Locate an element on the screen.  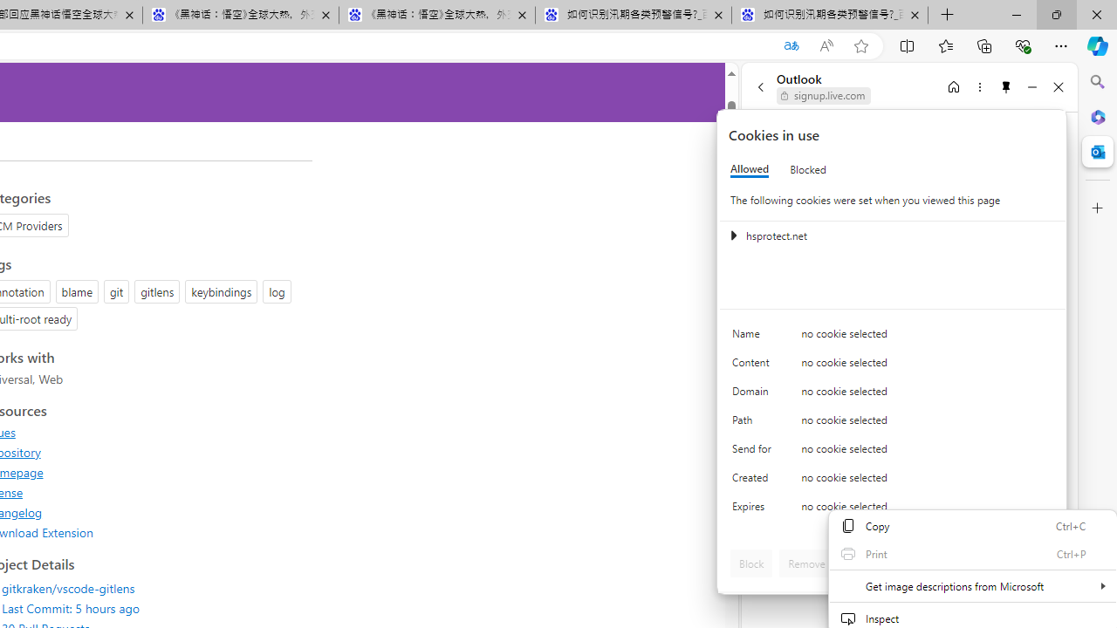
'Remove' is located at coordinates (805, 563).